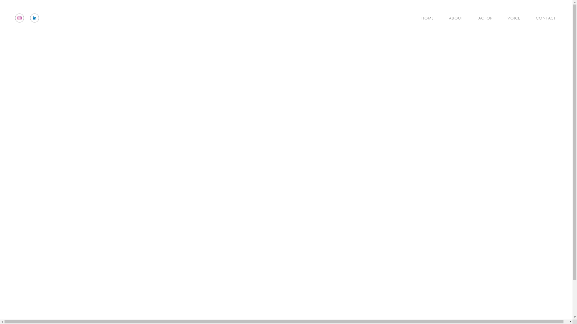 The width and height of the screenshot is (577, 324). What do you see at coordinates (421, 18) in the screenshot?
I see `'HOME'` at bounding box center [421, 18].